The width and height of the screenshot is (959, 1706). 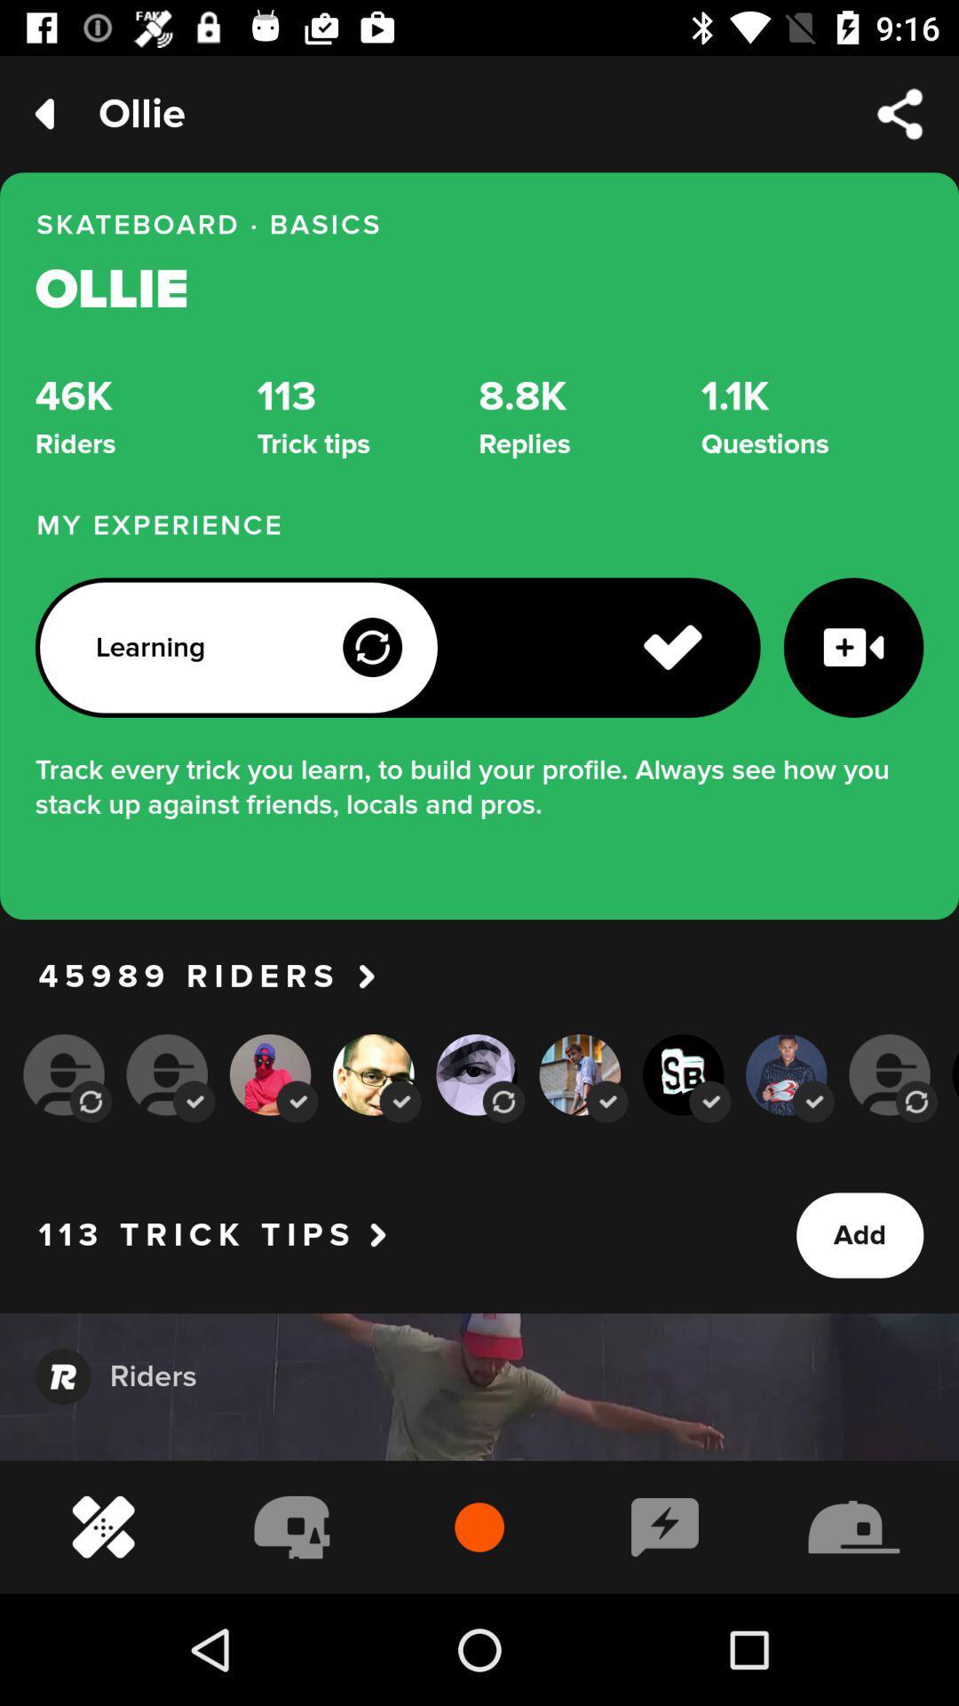 What do you see at coordinates (859, 1235) in the screenshot?
I see `add option` at bounding box center [859, 1235].